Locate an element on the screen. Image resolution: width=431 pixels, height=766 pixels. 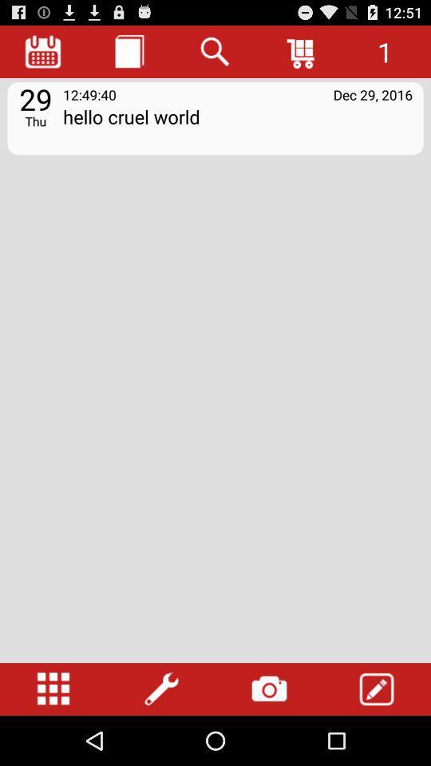
search button is located at coordinates (215, 51).